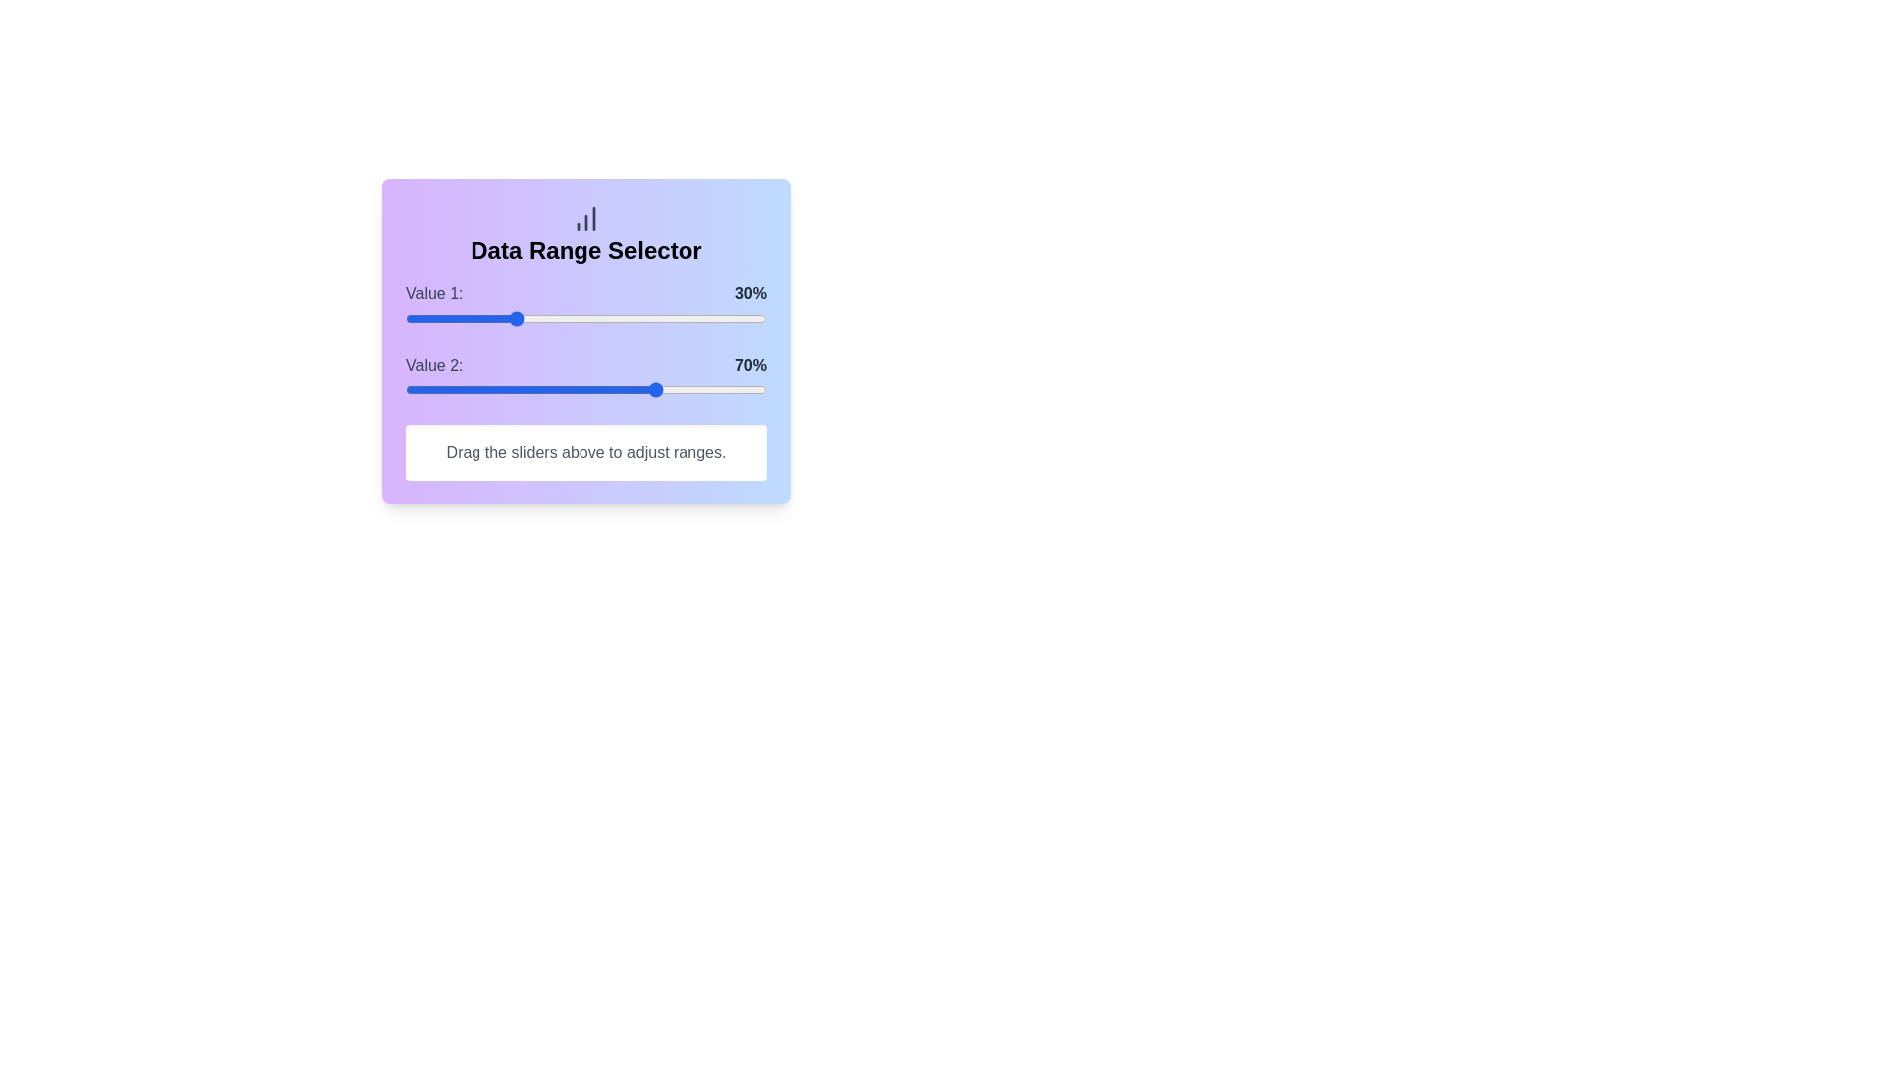  I want to click on the slider for Value 1 to set its percentage to 82, so click(701, 317).